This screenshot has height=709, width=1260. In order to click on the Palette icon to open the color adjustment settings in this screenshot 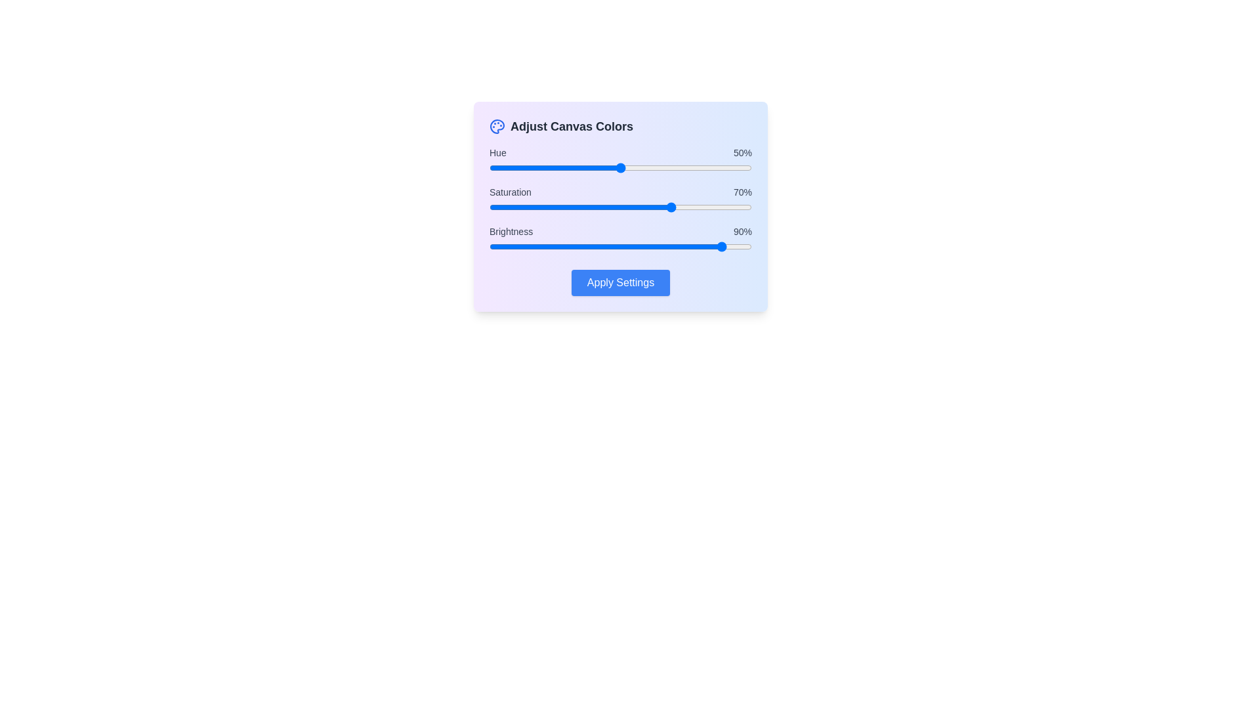, I will do `click(497, 126)`.